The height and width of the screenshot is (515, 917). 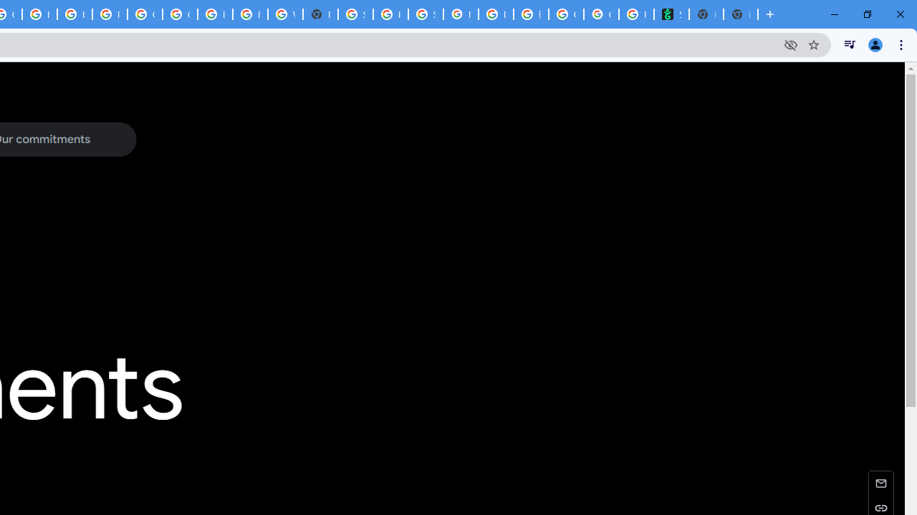 I want to click on 'Third-party cookies blocked', so click(x=790, y=44).